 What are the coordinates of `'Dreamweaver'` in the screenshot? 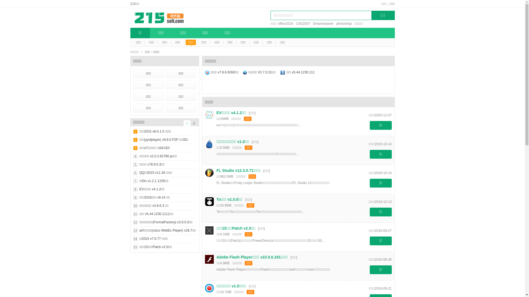 It's located at (323, 23).